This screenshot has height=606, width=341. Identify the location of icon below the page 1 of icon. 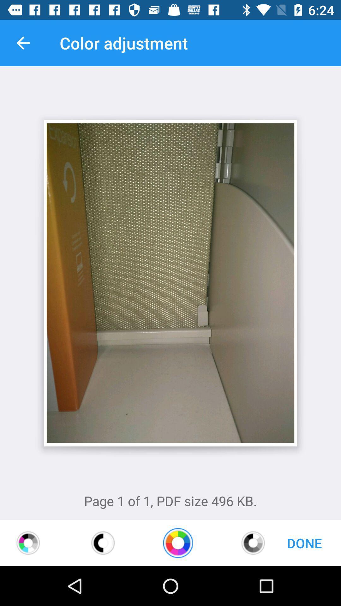
(178, 543).